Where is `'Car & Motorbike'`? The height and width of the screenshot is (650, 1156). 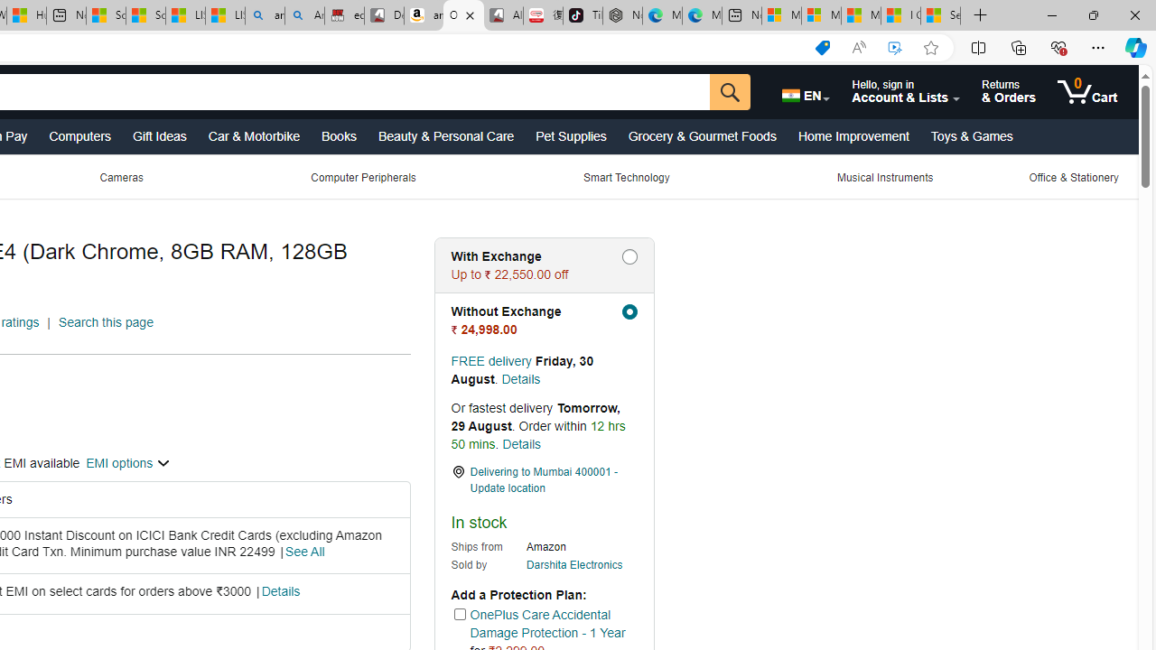
'Car & Motorbike' is located at coordinates (252, 135).